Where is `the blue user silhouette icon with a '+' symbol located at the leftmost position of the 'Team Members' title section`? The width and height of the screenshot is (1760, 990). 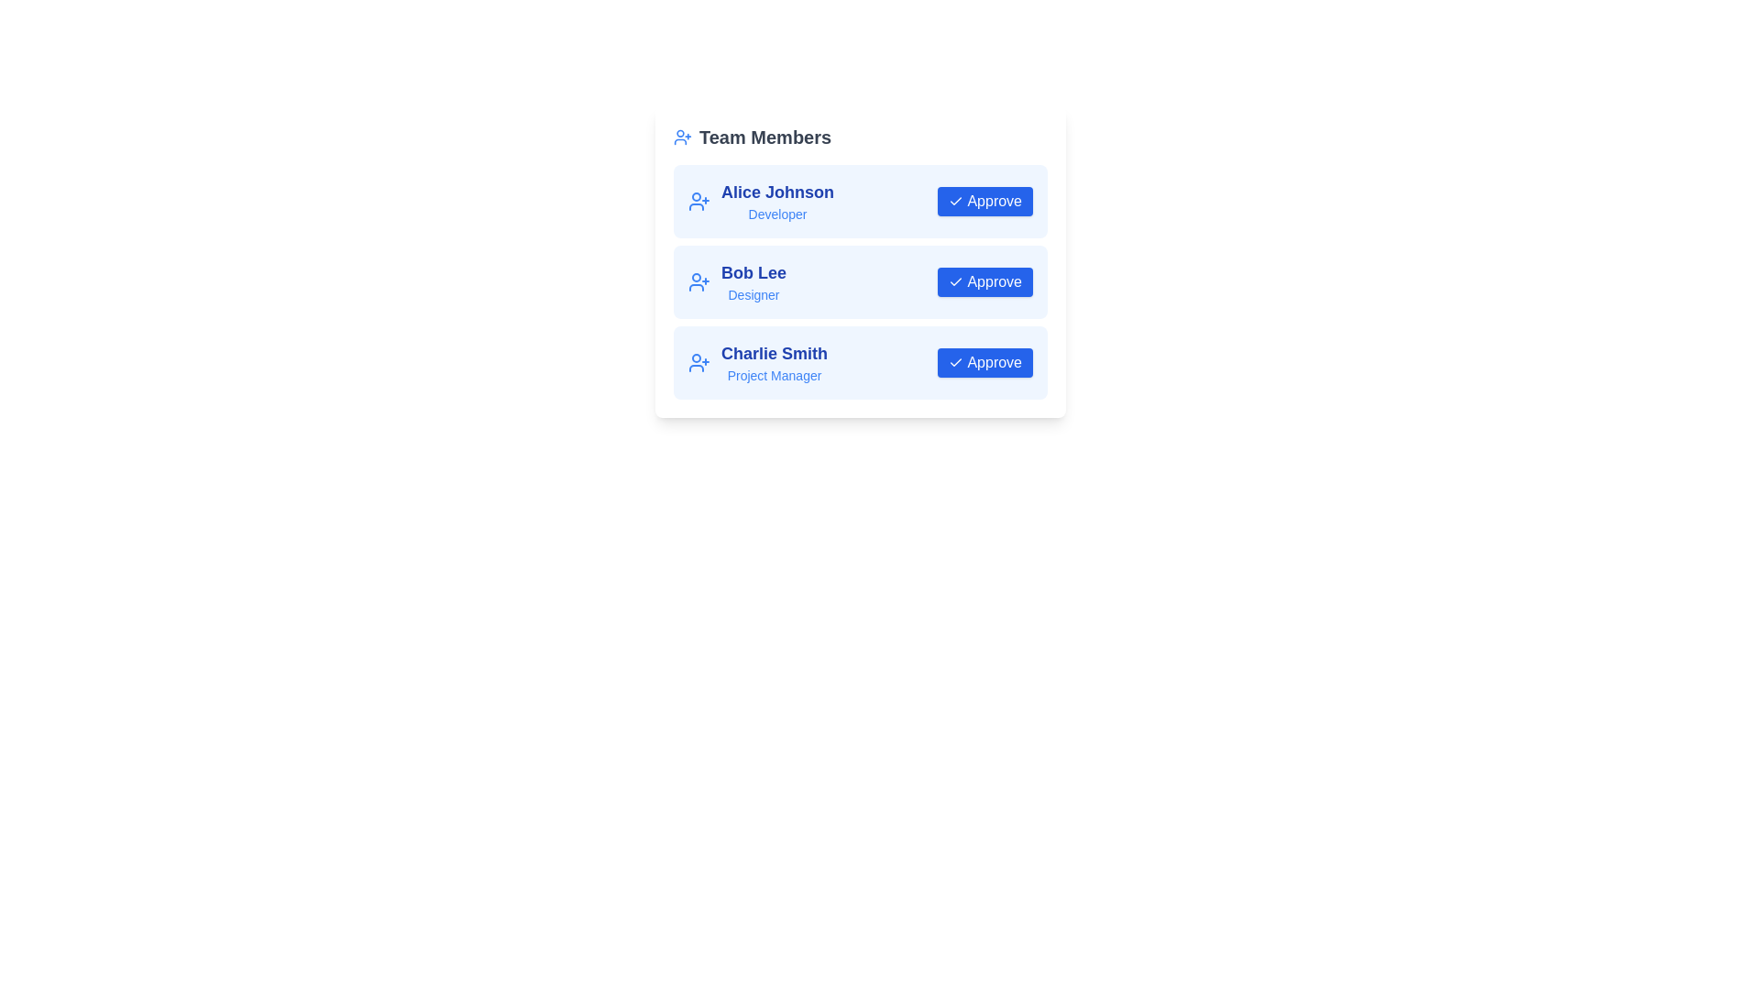
the blue user silhouette icon with a '+' symbol located at the leftmost position of the 'Team Members' title section is located at coordinates (681, 137).